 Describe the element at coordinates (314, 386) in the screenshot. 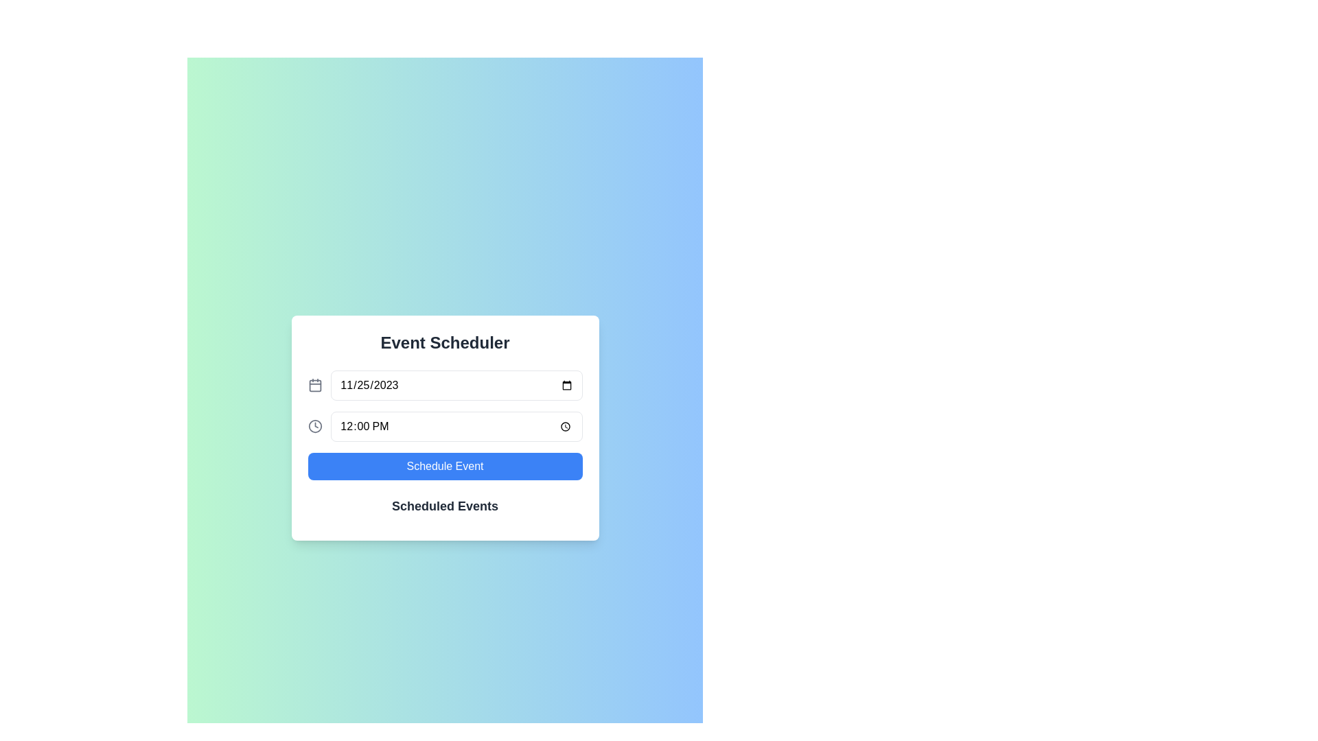

I see `the gray calendar icon with a square border located on the left side of the date input field` at that location.